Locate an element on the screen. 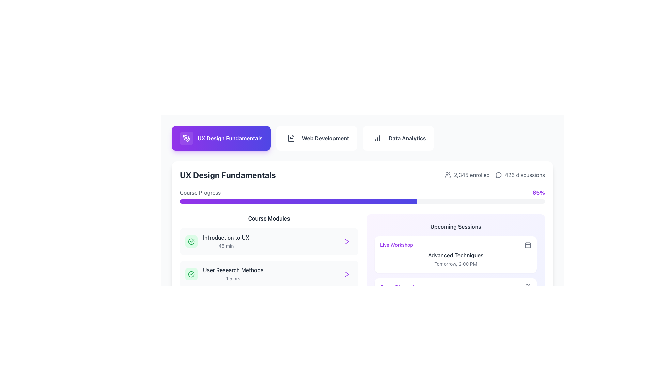 The image size is (654, 367). the button representing the 'UX Design Fundamentals' option is located at coordinates (221, 138).